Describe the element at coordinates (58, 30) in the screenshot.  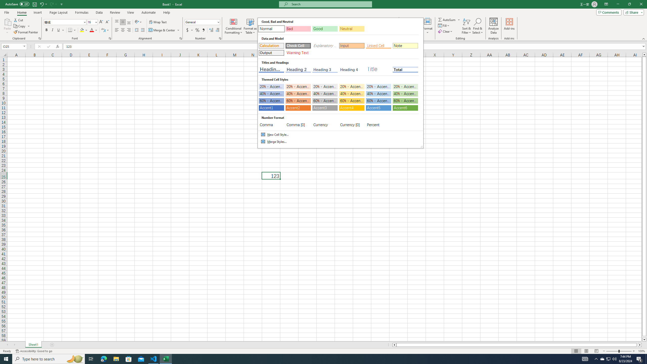
I see `'Underline'` at that location.